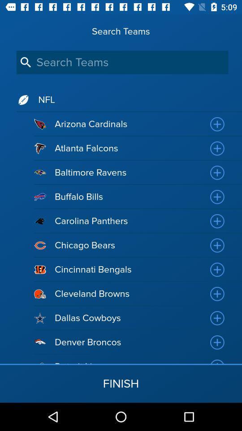 The width and height of the screenshot is (242, 431). What do you see at coordinates (122, 62) in the screenshot?
I see `the icon below search teams icon` at bounding box center [122, 62].